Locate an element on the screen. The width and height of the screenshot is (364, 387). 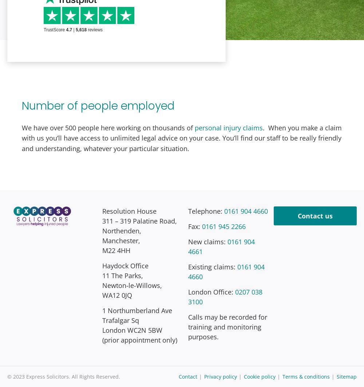
'Fax:' is located at coordinates (195, 226).